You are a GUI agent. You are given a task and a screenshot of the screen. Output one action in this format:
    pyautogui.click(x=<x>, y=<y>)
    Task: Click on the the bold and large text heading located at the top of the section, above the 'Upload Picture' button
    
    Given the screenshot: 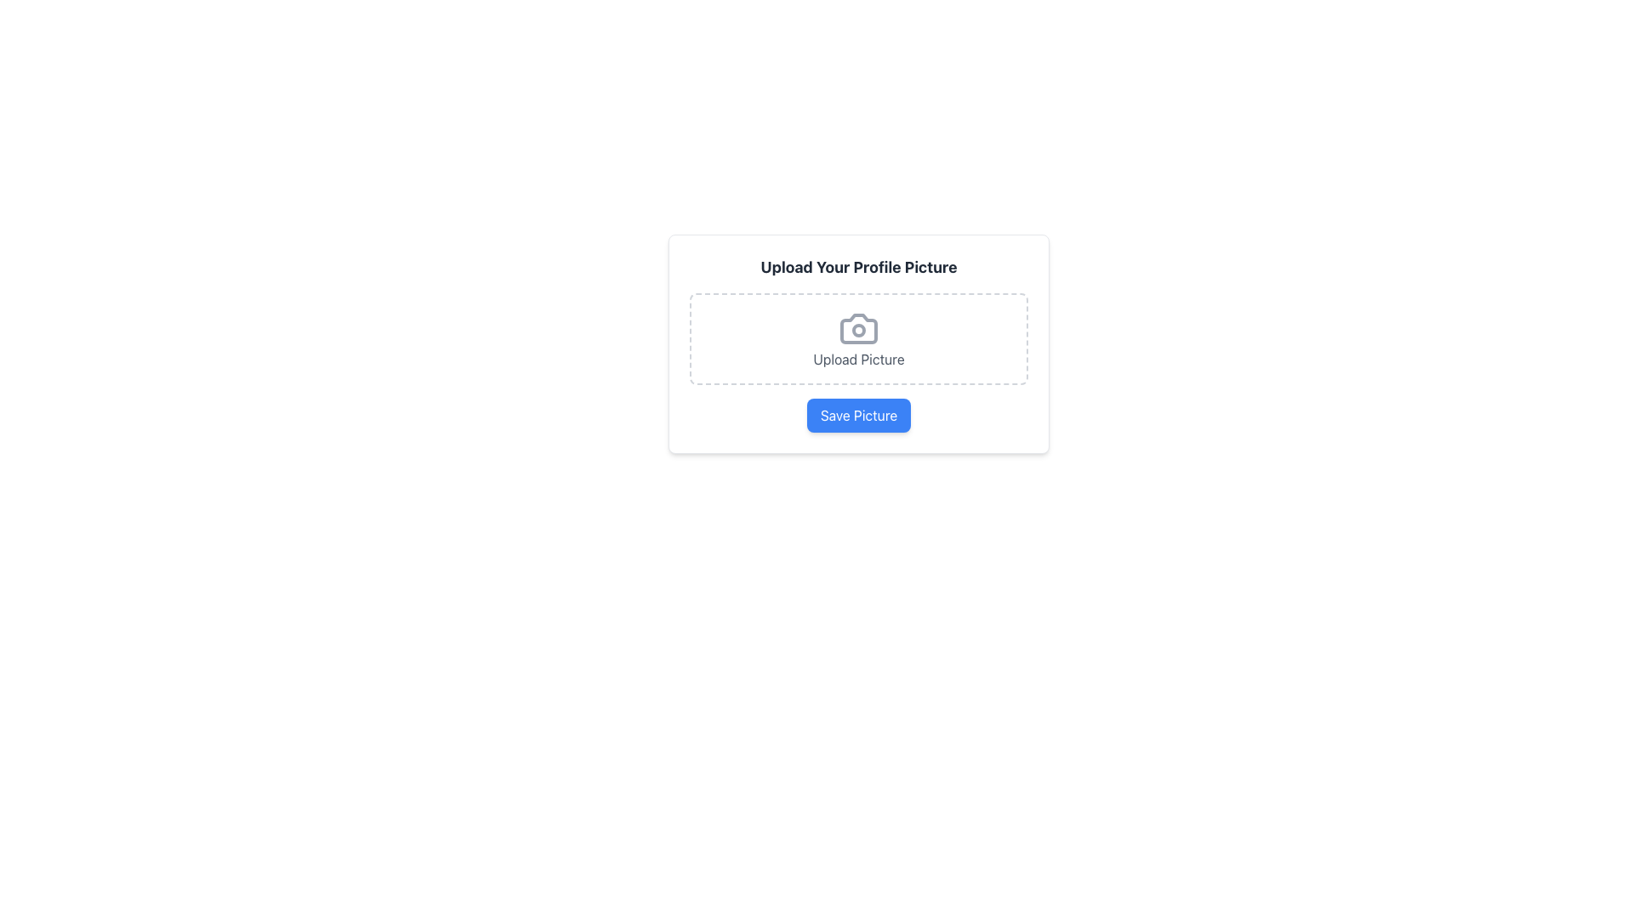 What is the action you would take?
    pyautogui.click(x=858, y=268)
    